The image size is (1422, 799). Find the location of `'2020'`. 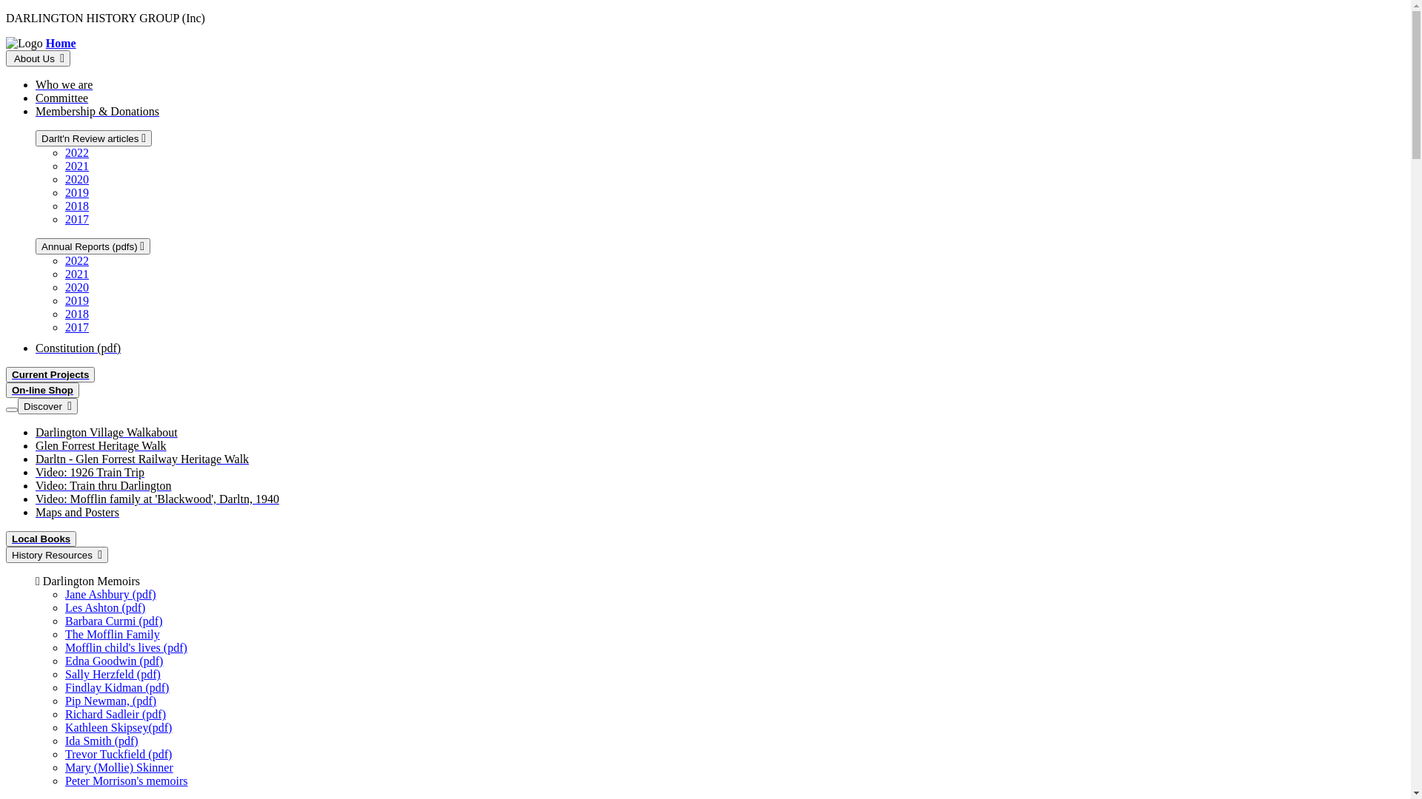

'2020' is located at coordinates (76, 178).